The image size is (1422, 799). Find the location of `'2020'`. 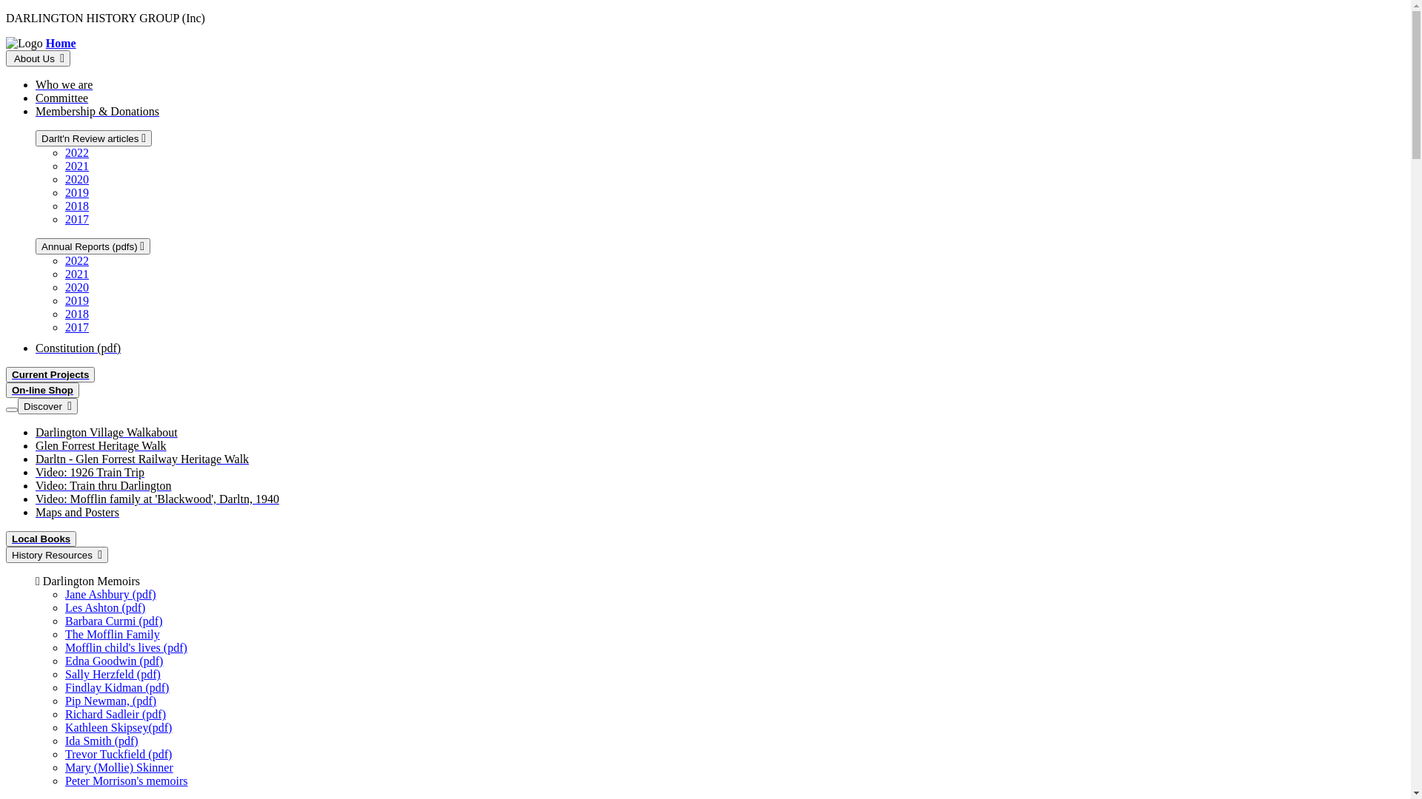

'2020' is located at coordinates (76, 178).